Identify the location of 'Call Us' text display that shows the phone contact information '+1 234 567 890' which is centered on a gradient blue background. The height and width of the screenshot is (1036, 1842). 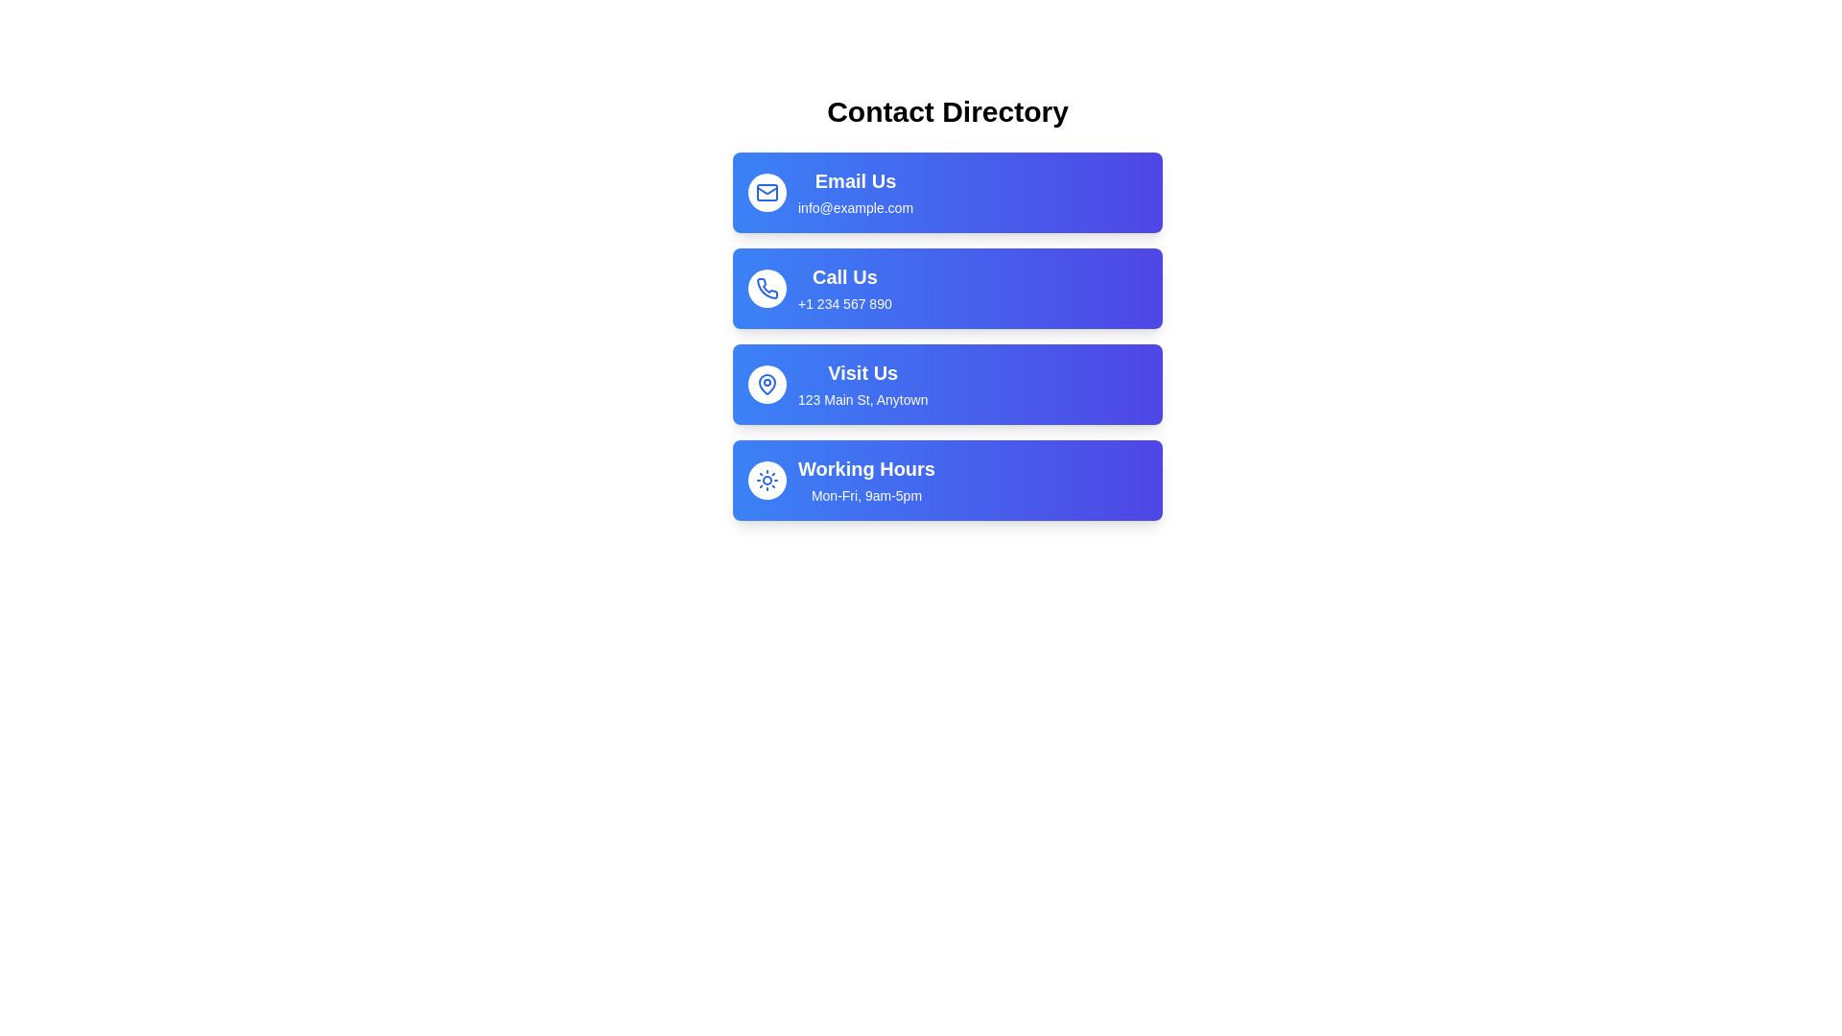
(844, 288).